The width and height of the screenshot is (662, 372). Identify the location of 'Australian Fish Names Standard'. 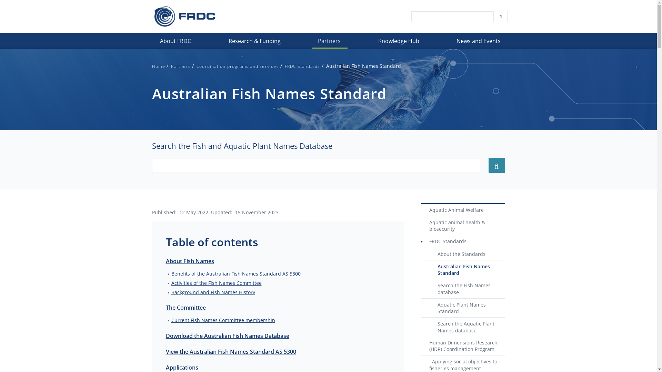
(463, 269).